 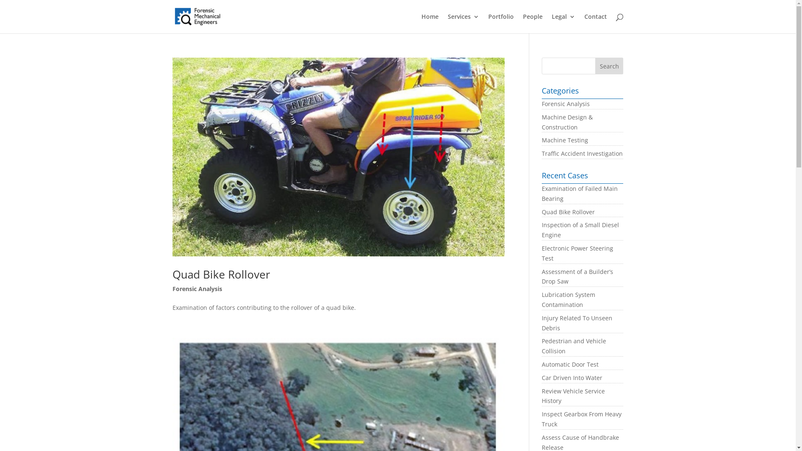 I want to click on 'Inspect Gearbox From Heavy Truck', so click(x=581, y=419).